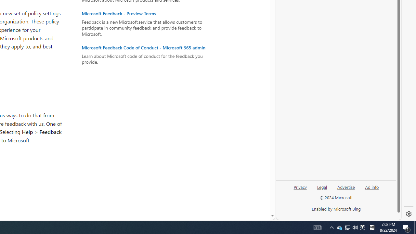 The width and height of the screenshot is (416, 234). Describe the element at coordinates (322, 189) in the screenshot. I see `'Legal'` at that location.